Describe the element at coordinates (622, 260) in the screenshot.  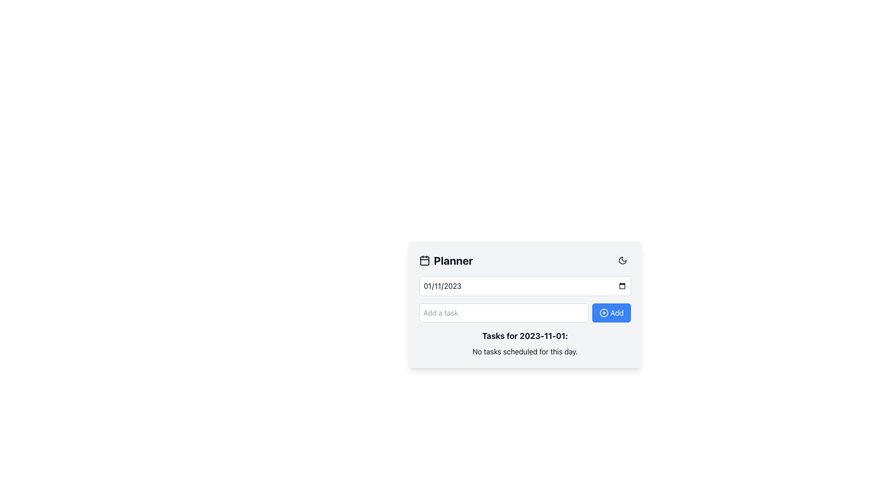
I see `the decorative icon representing night mode or calendar functionality located in the top-right corner of the card layout` at that location.